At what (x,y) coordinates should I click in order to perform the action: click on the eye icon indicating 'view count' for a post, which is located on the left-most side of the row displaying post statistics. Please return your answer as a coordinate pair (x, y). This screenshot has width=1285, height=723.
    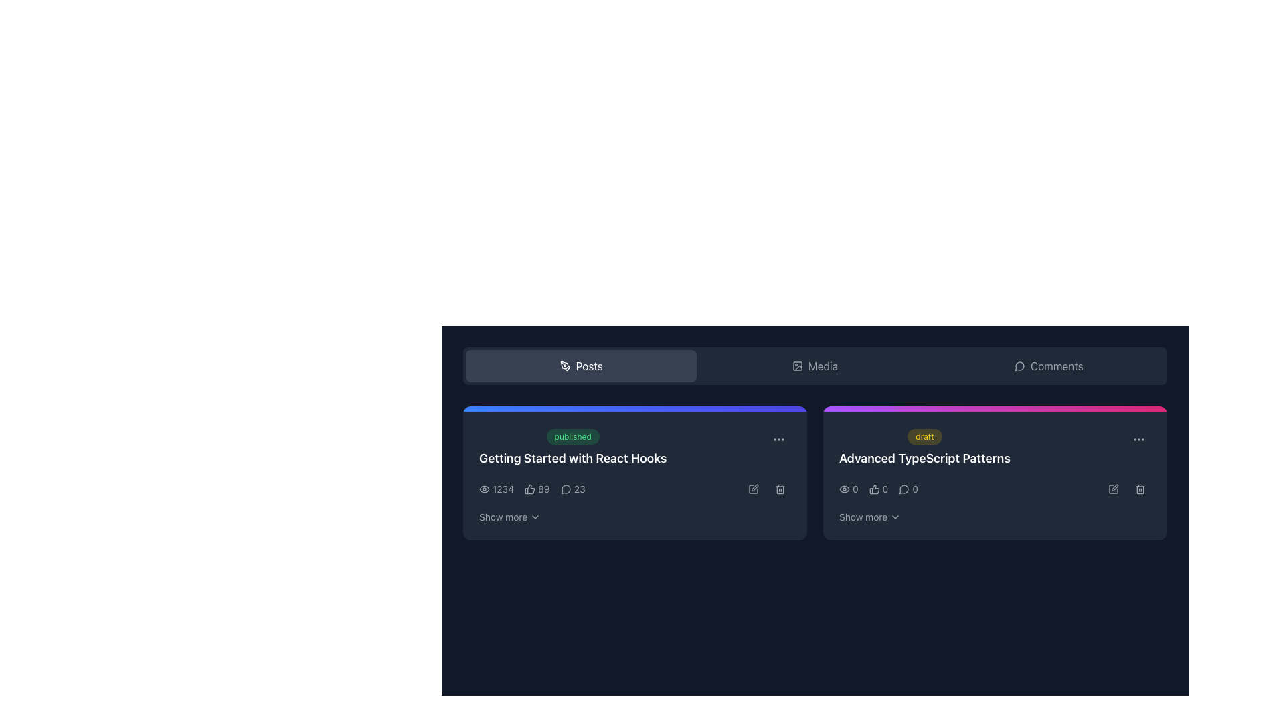
    Looking at the image, I should click on (484, 489).